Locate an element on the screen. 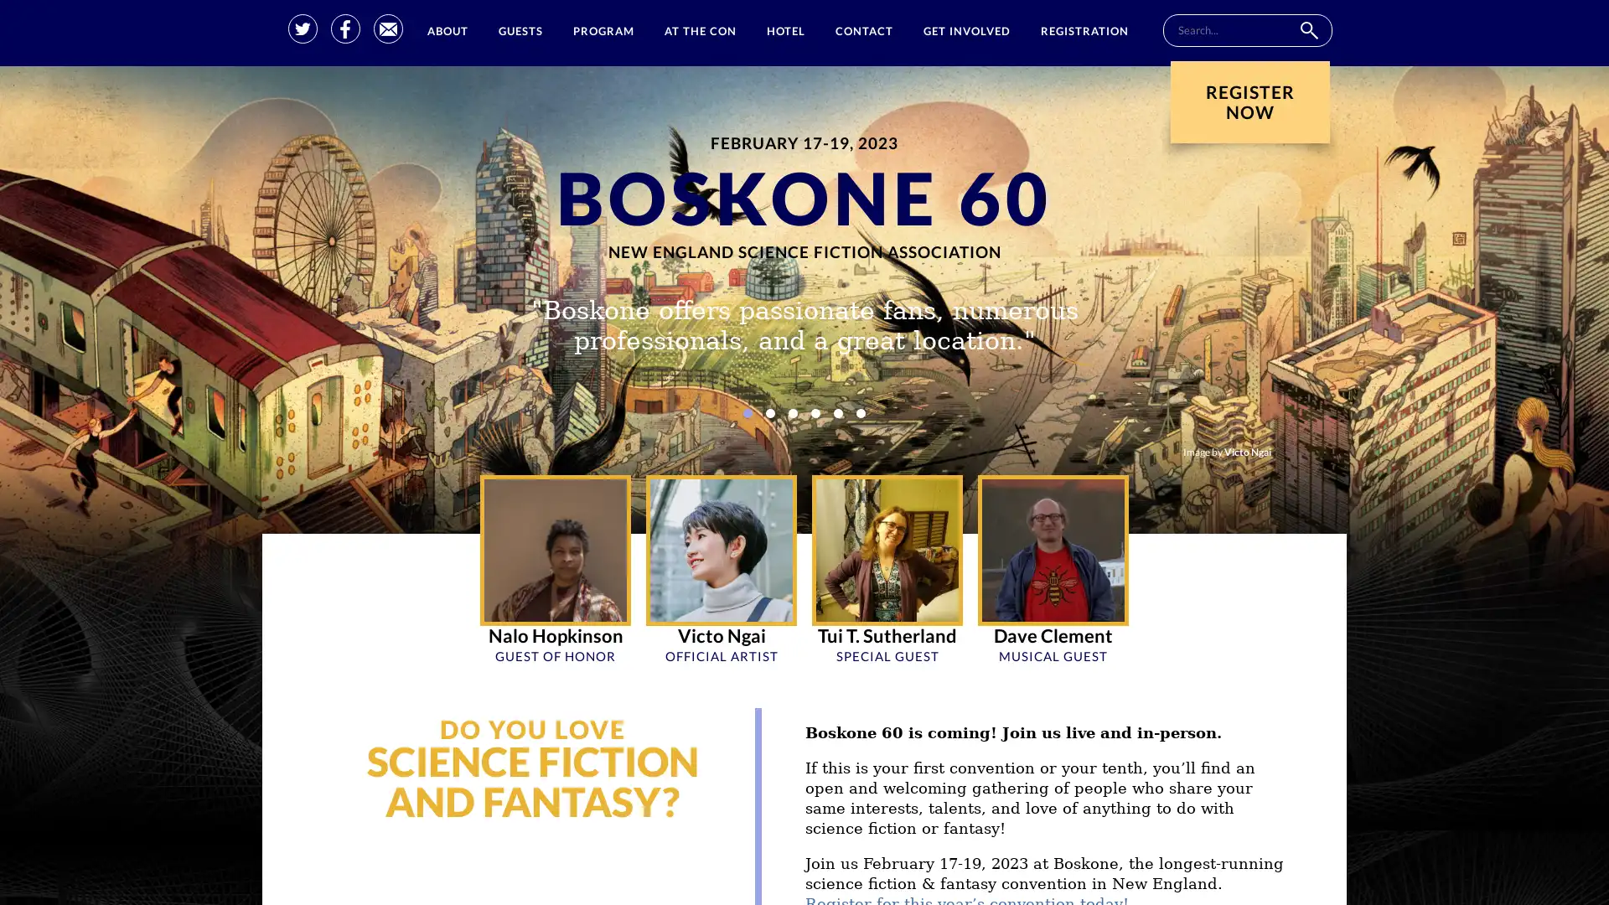 This screenshot has width=1609, height=905. Search is located at coordinates (1307, 30).